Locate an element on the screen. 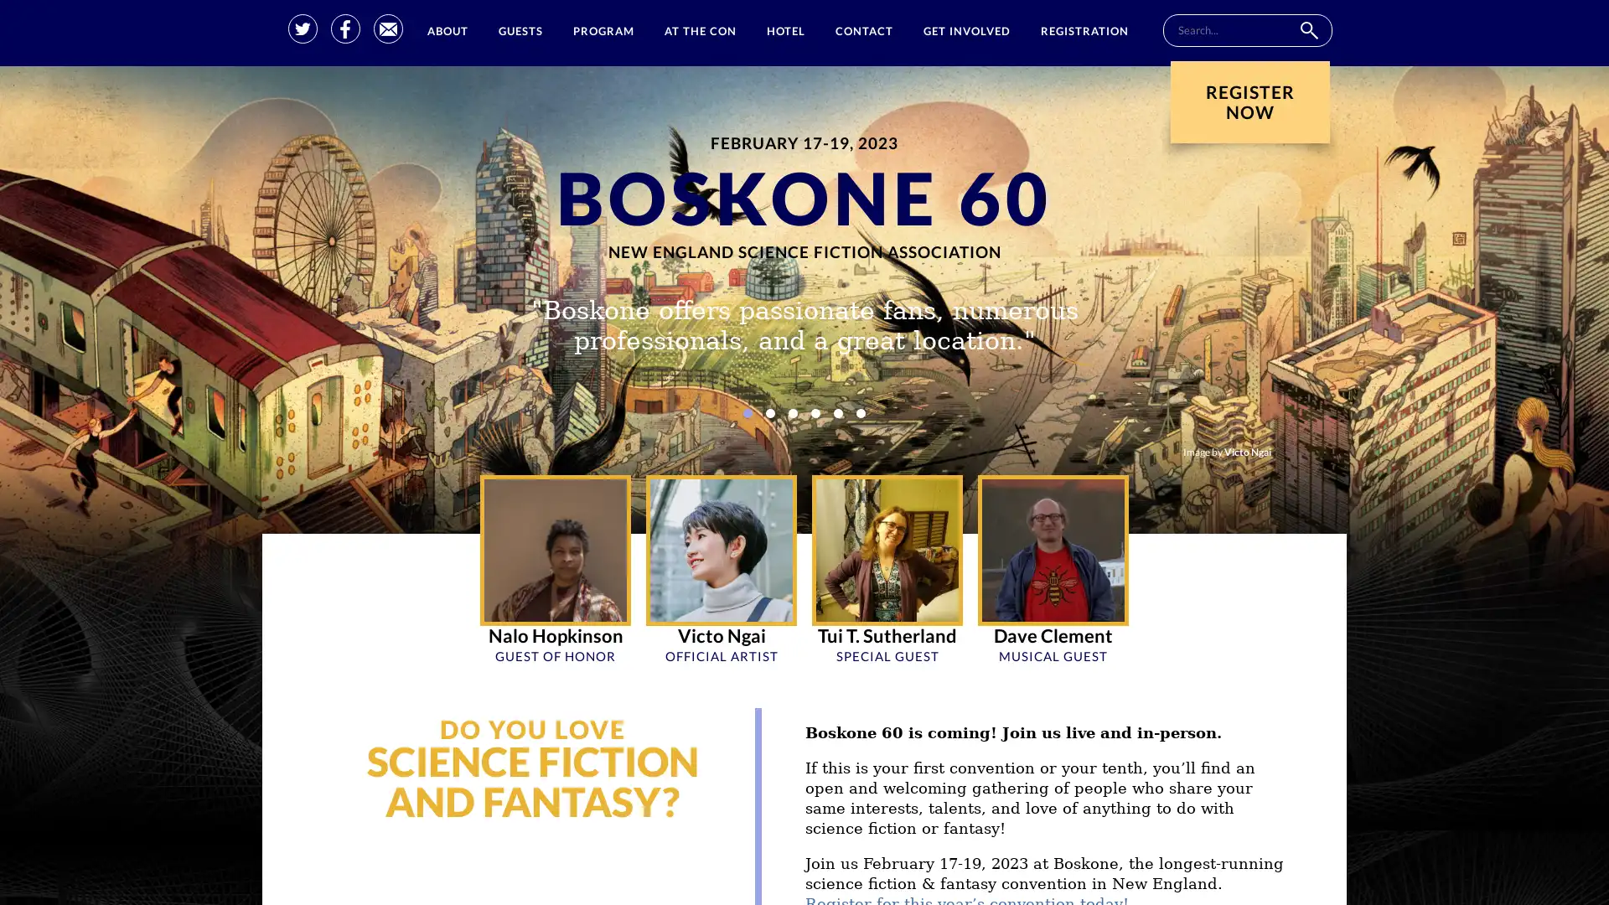 This screenshot has width=1609, height=905. Search is located at coordinates (1307, 30).